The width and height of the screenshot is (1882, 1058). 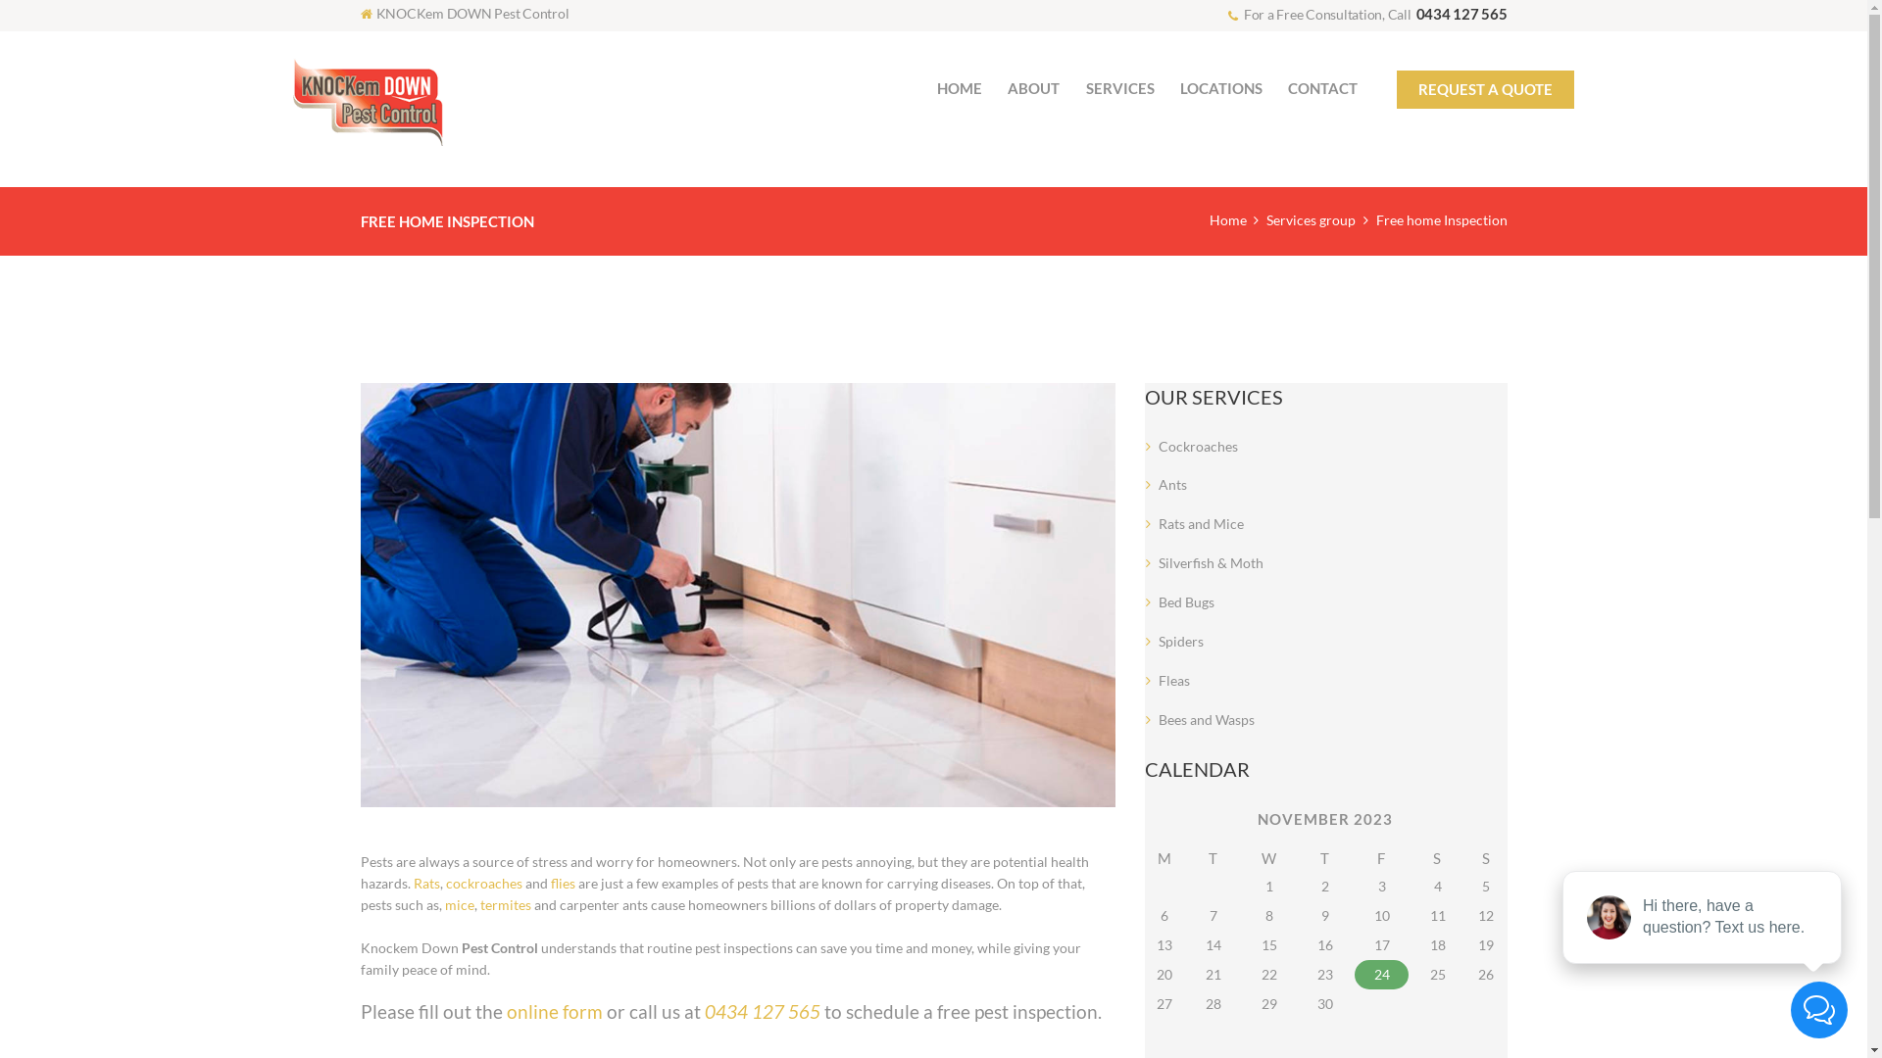 I want to click on 'REQUEST A QUOTE', so click(x=1485, y=89).